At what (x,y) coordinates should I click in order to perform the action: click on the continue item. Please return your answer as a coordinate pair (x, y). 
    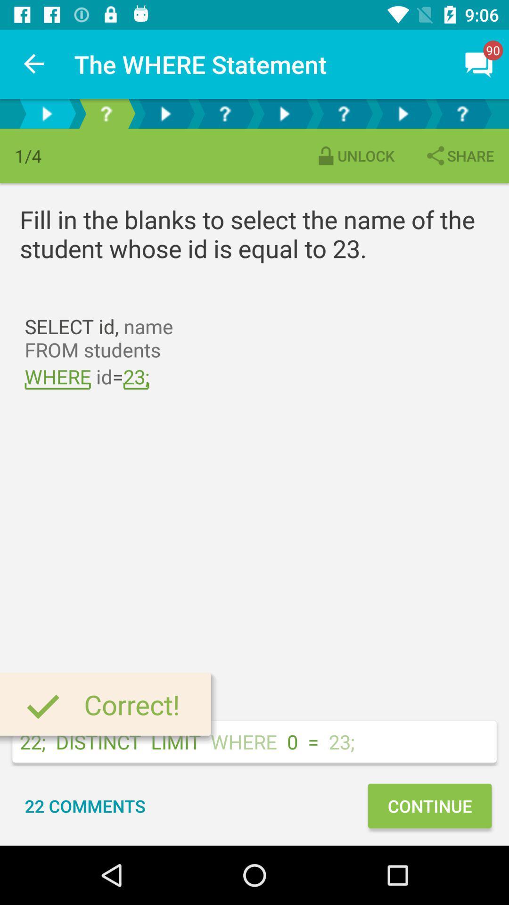
    Looking at the image, I should click on (429, 805).